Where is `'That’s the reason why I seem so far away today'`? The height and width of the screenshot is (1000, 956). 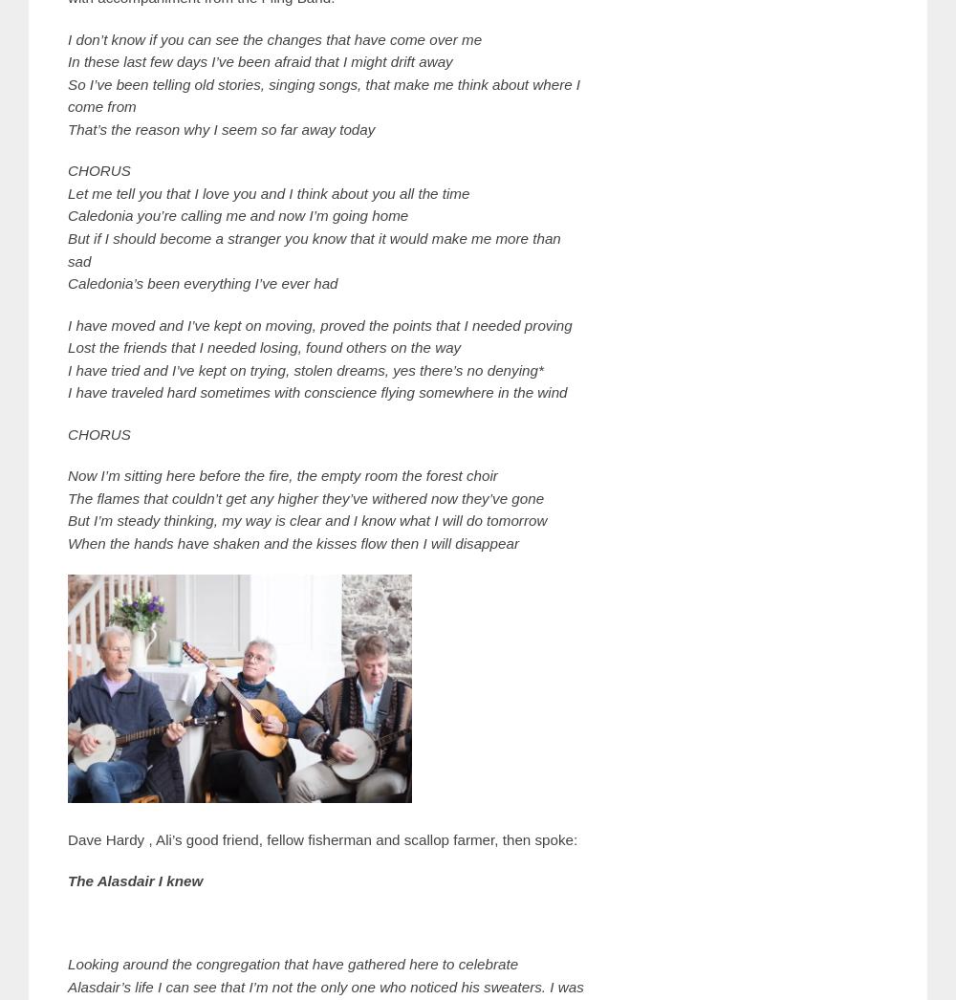 'That’s the reason why I seem so far away today' is located at coordinates (220, 127).